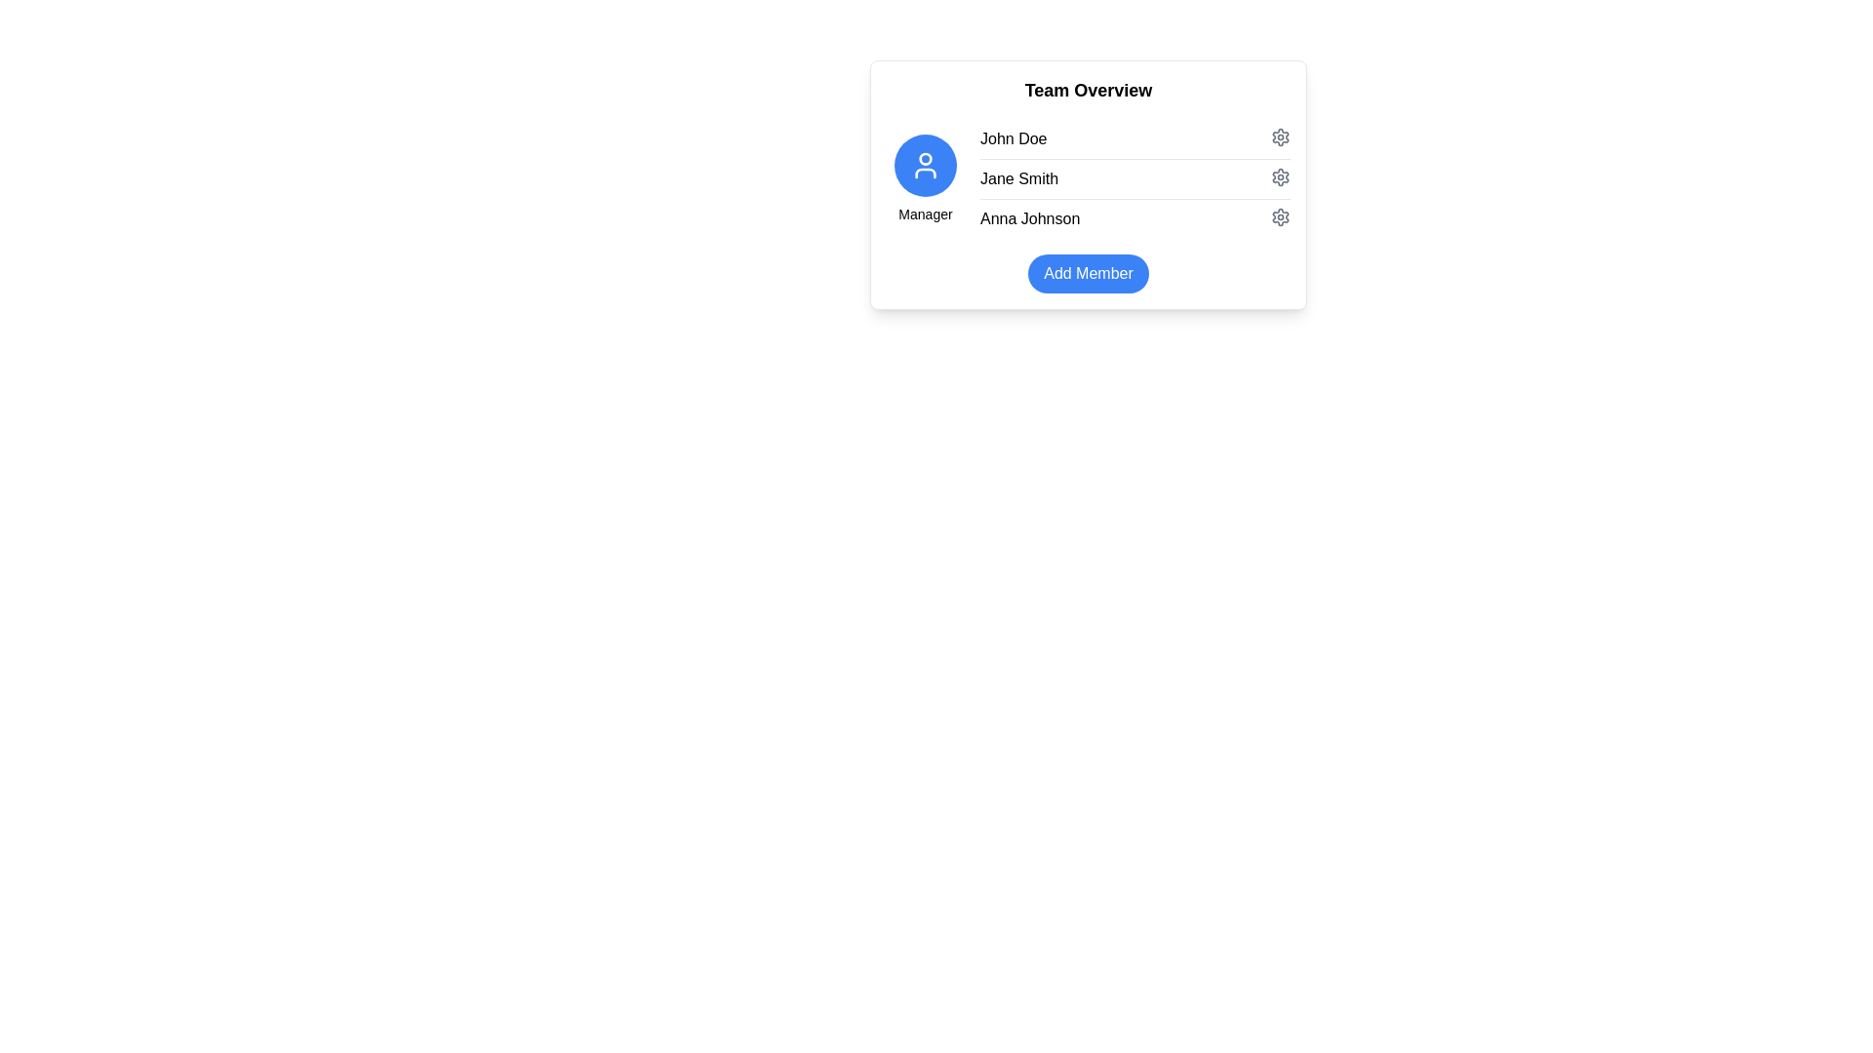 The width and height of the screenshot is (1873, 1053). I want to click on the gear-shaped icon in the 'Team Overview' section adjacent to 'Jane Smith', so click(1281, 176).